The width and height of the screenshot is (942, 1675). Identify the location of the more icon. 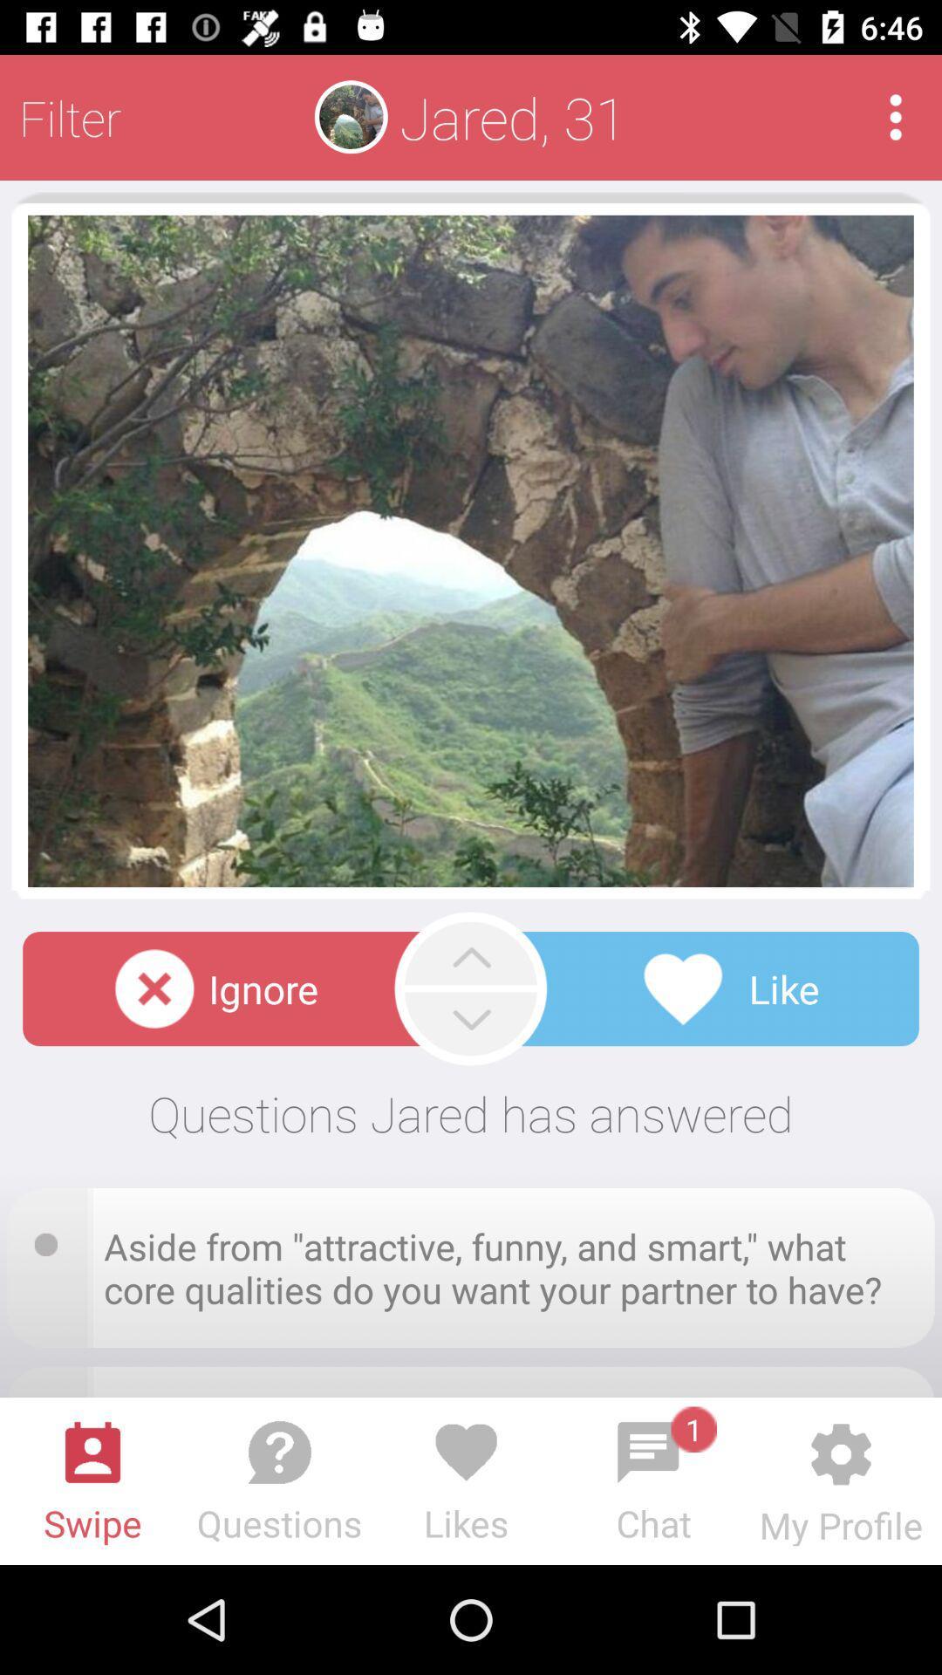
(896, 116).